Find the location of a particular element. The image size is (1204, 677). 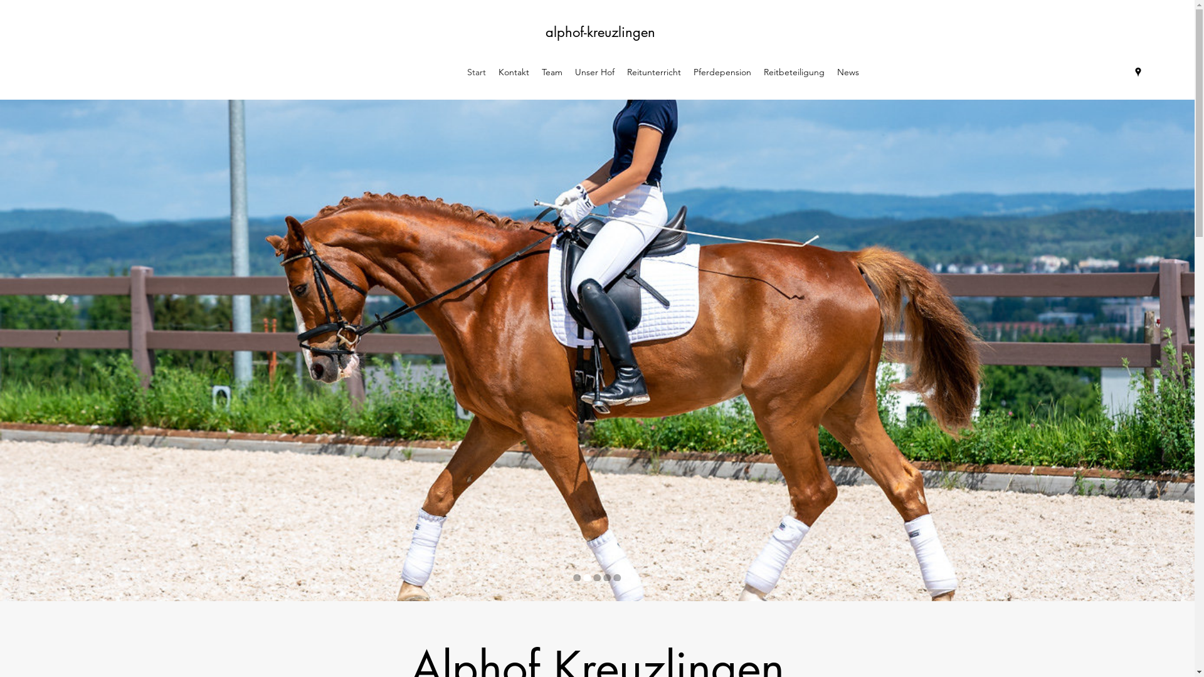

'alphof-kreuzlingen' is located at coordinates (599, 31).